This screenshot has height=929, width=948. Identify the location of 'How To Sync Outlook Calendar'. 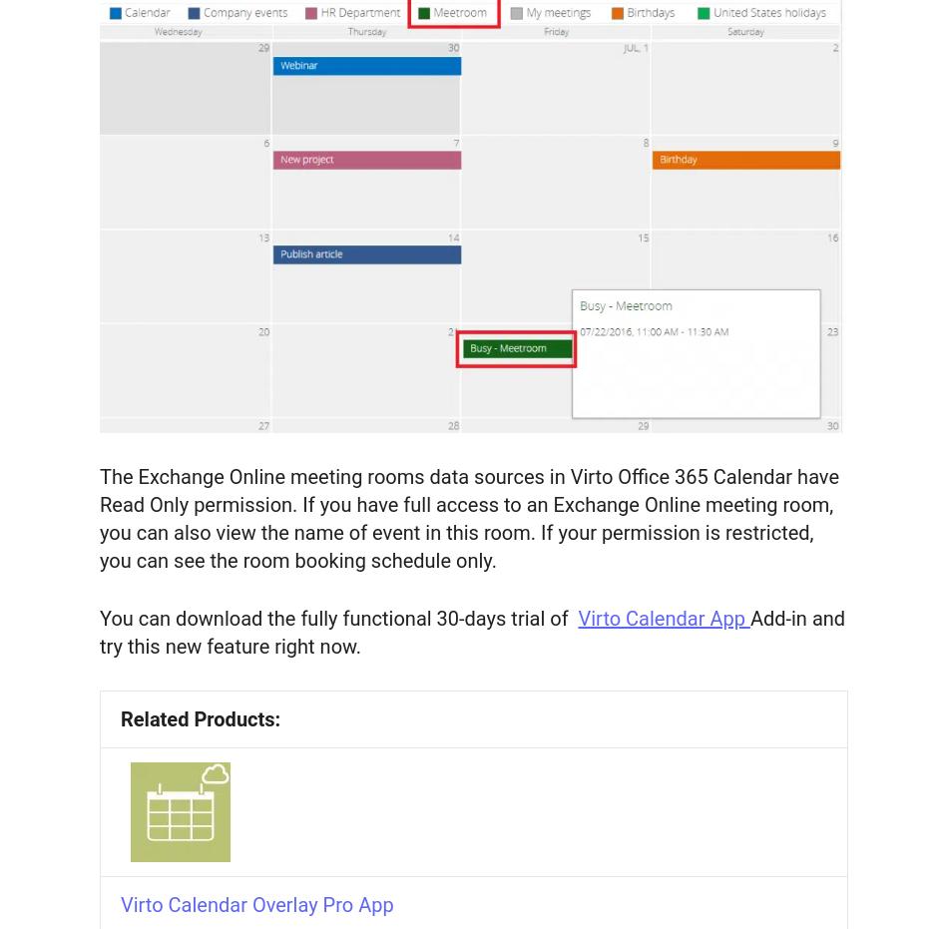
(142, 631).